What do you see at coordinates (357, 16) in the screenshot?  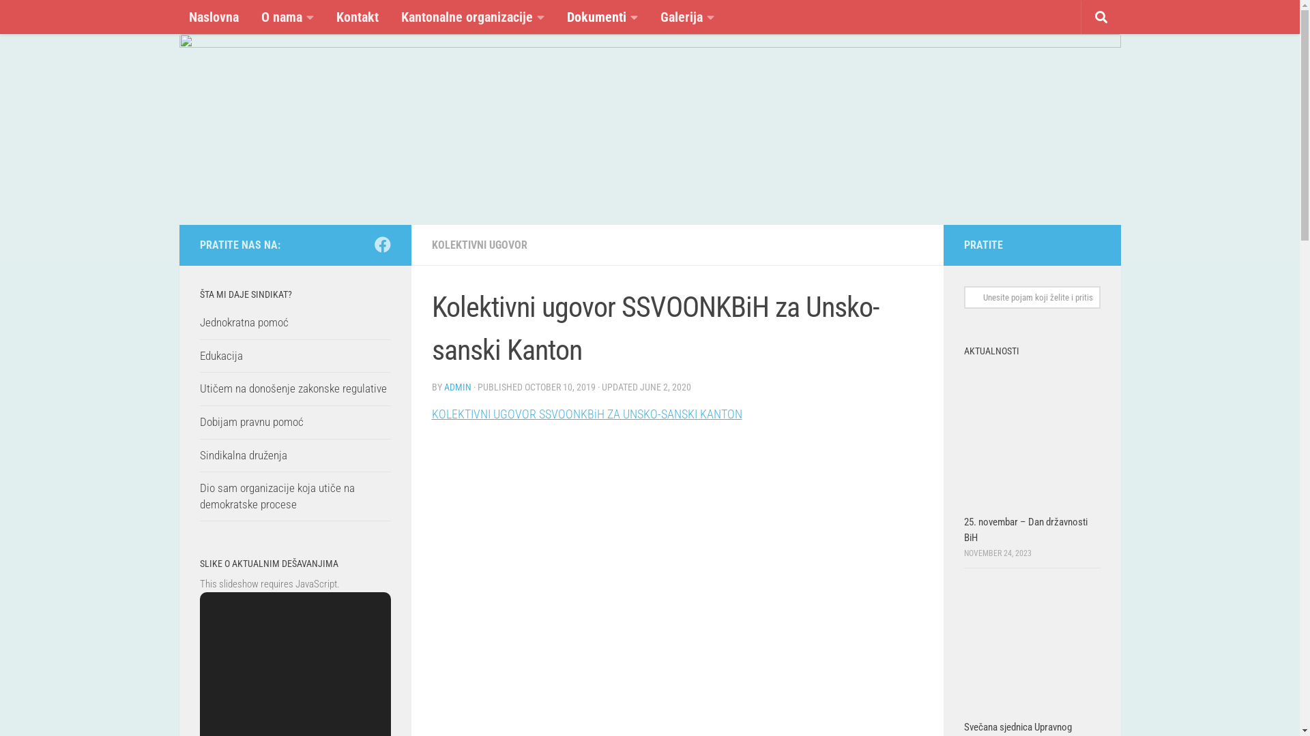 I see `'Kontakt'` at bounding box center [357, 16].